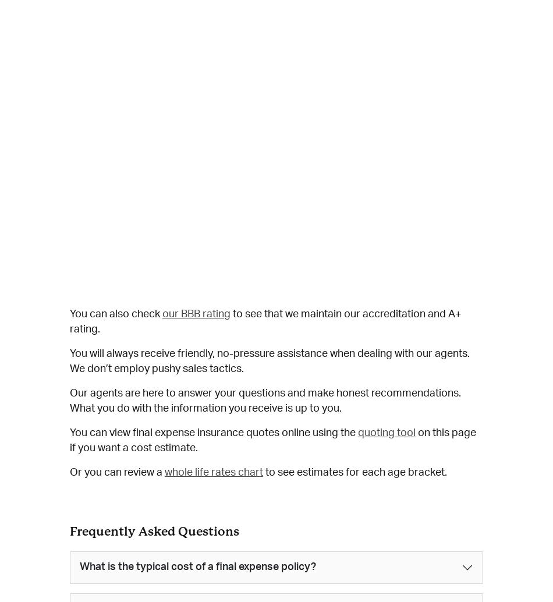  I want to click on 'quoting tool', so click(358, 433).